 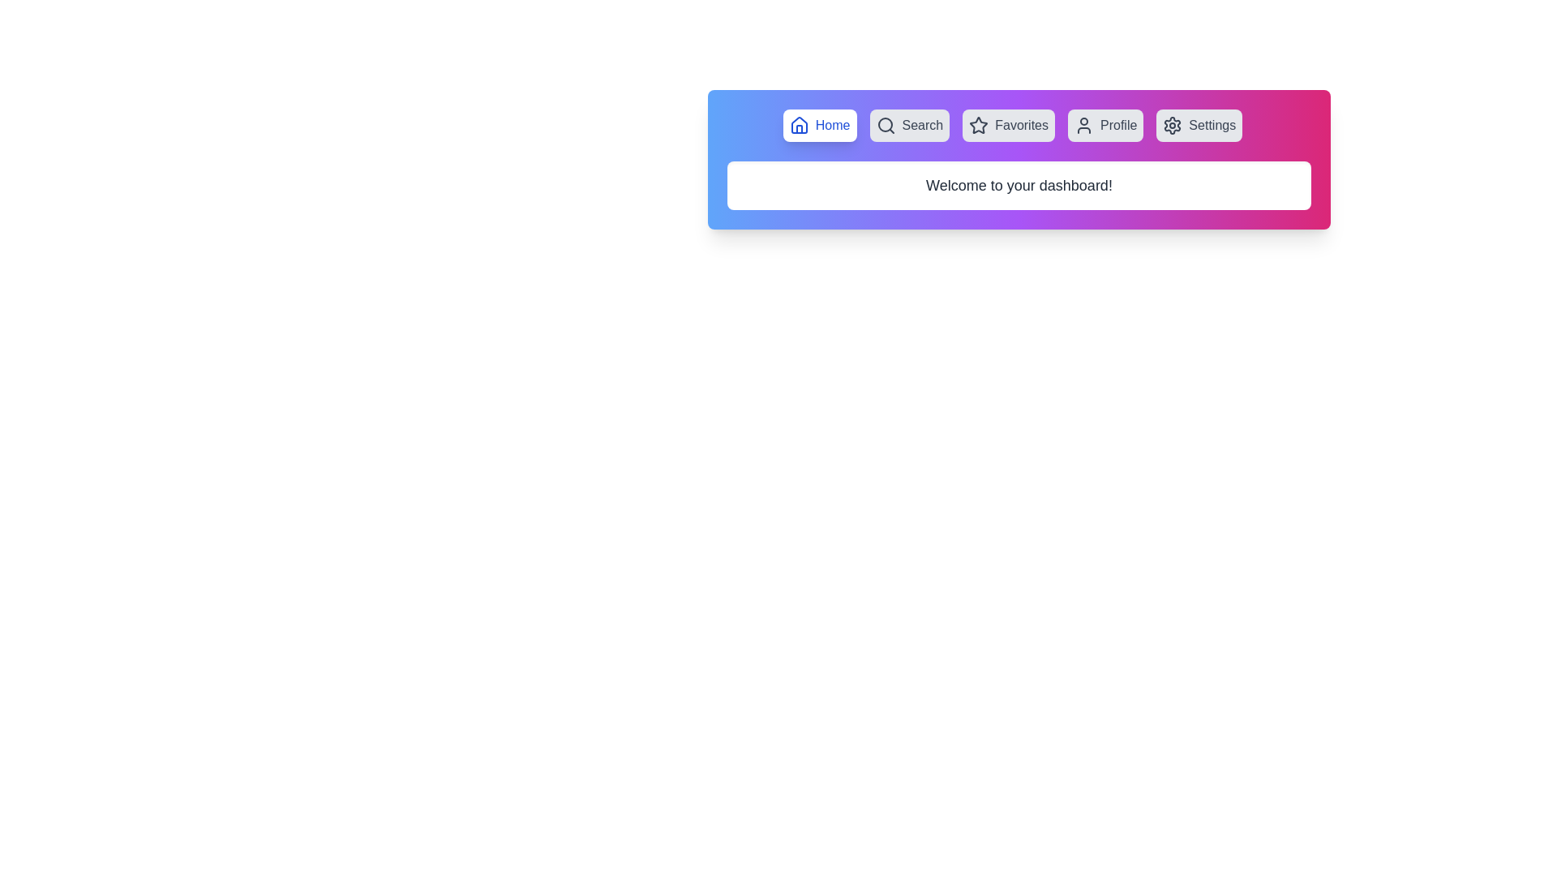 I want to click on the 'Favorites' icon within the button located in the horizontal navigation bar, so click(x=977, y=124).